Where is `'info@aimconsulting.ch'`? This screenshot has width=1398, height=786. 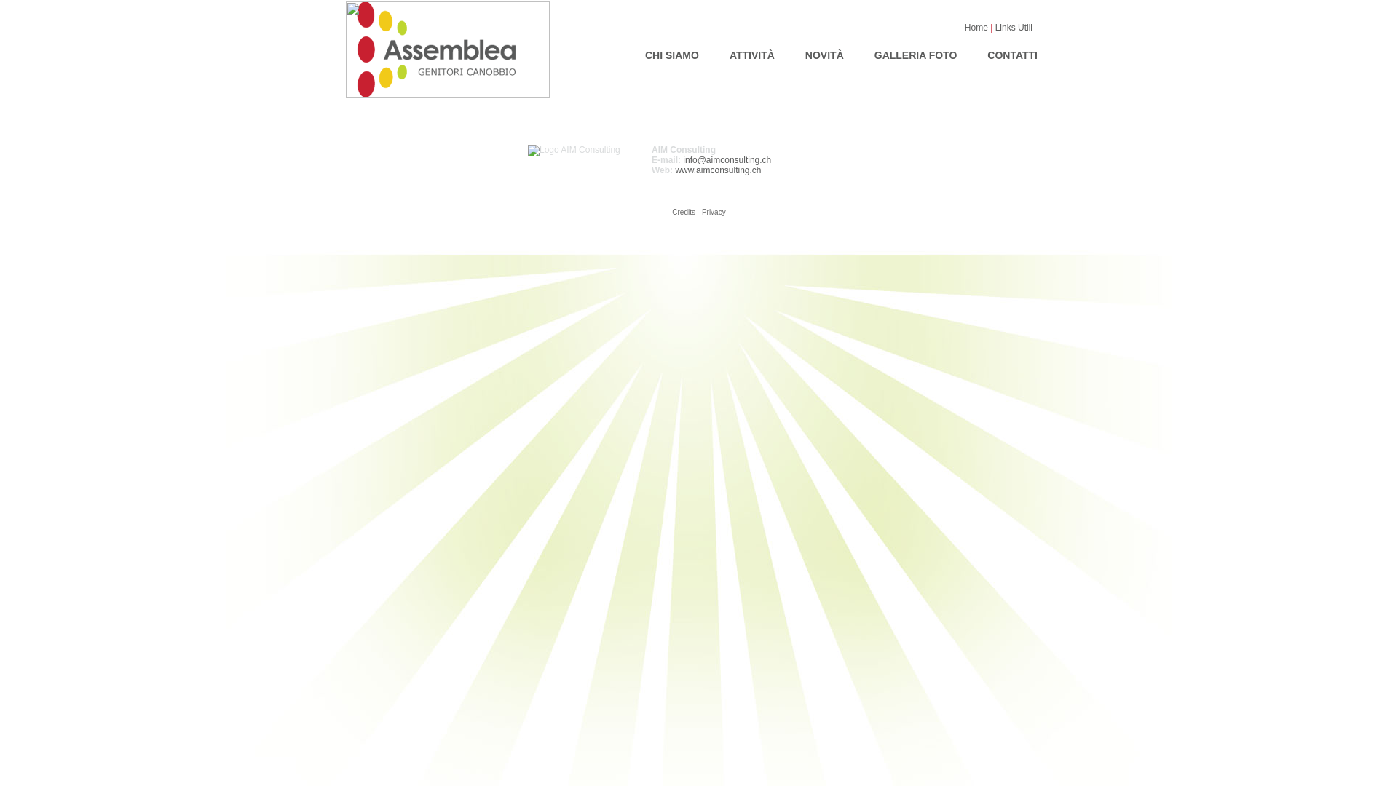
'info@aimconsulting.ch' is located at coordinates (727, 159).